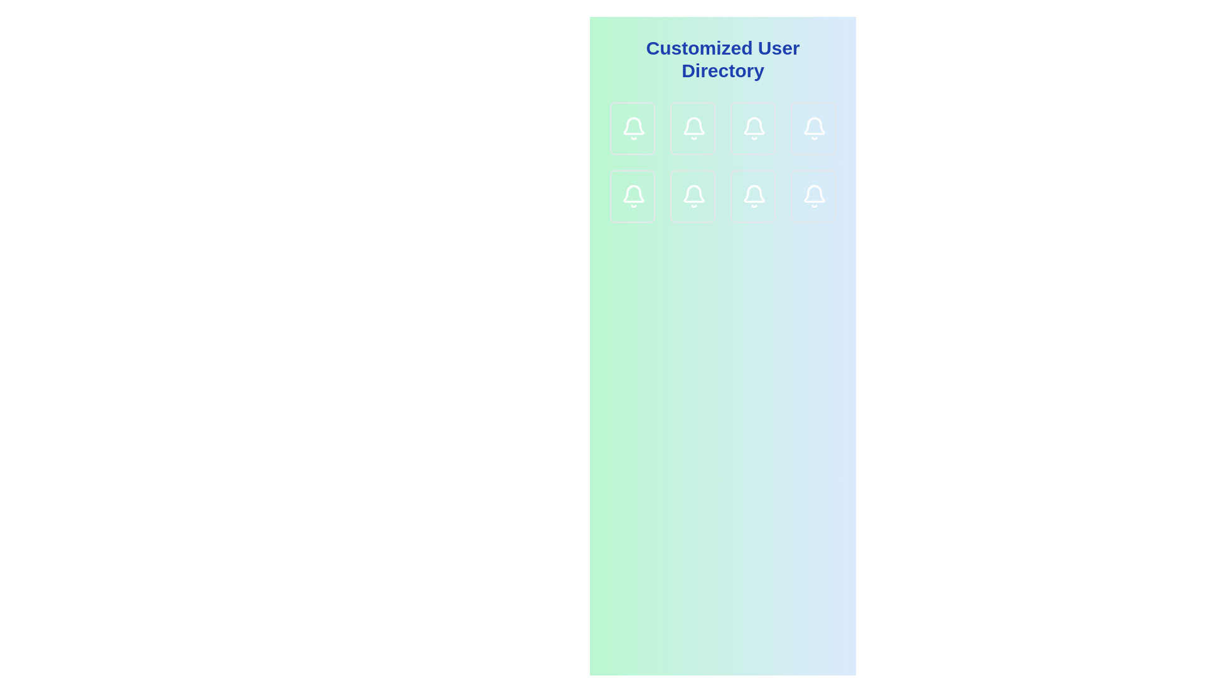 The image size is (1205, 678). Describe the element at coordinates (633, 196) in the screenshot. I see `the bell-shaped icon located in the first column of the second row of a grid layout, which is rendered in white color on a light green background, positioned below the title 'Customized User Directory'` at that location.